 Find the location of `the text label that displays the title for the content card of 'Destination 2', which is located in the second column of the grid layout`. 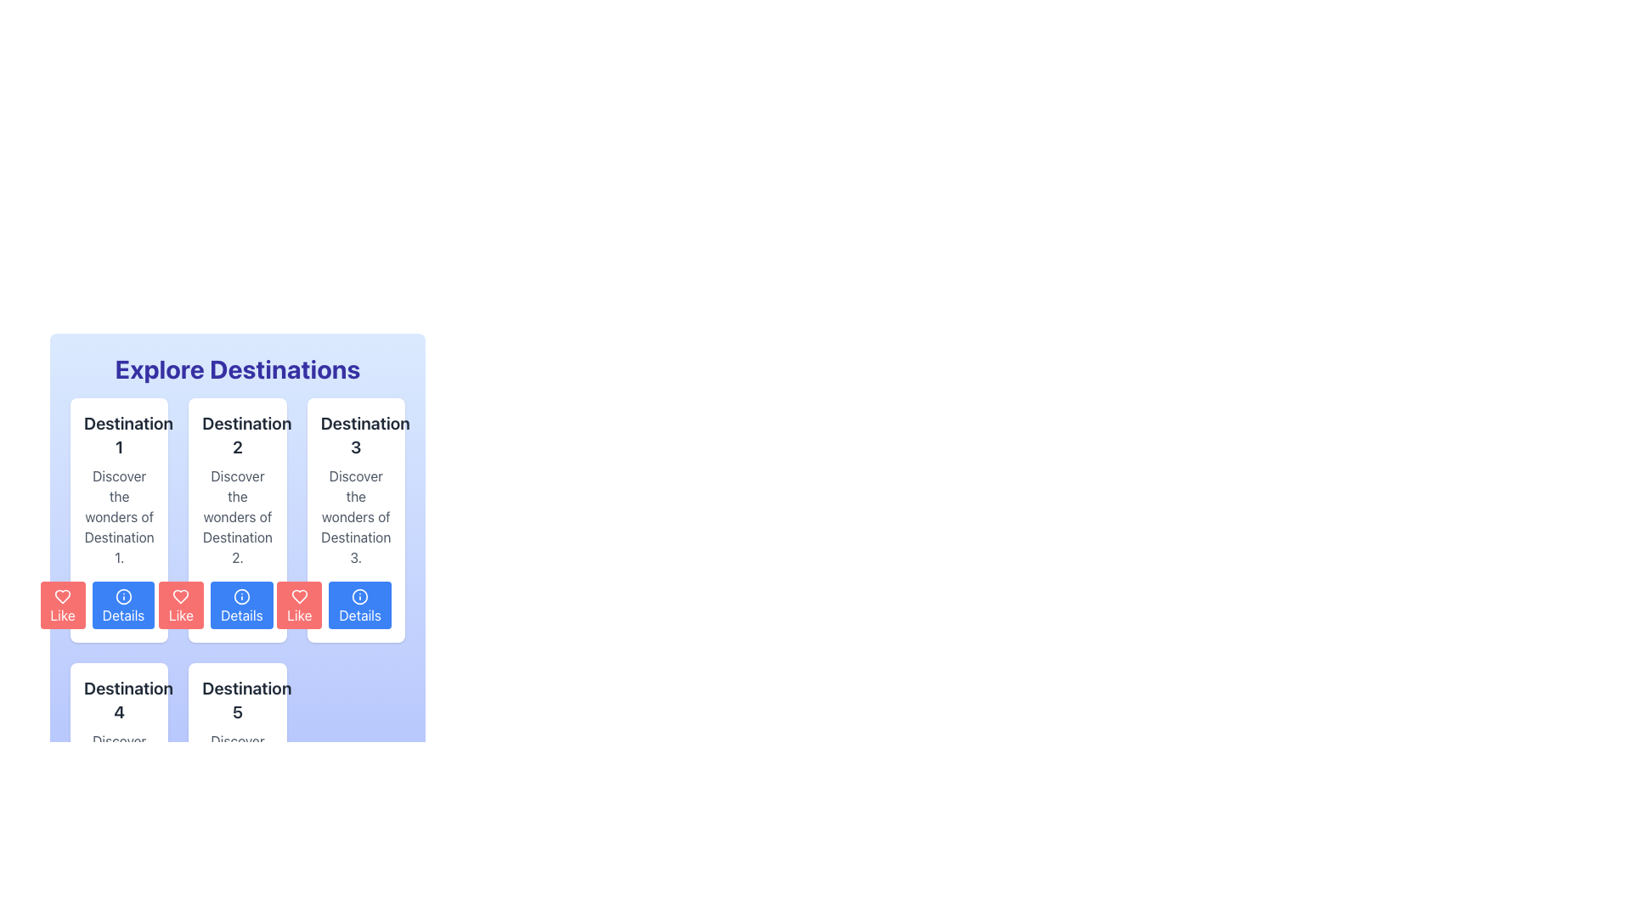

the text label that displays the title for the content card of 'Destination 2', which is located in the second column of the grid layout is located at coordinates (236, 435).